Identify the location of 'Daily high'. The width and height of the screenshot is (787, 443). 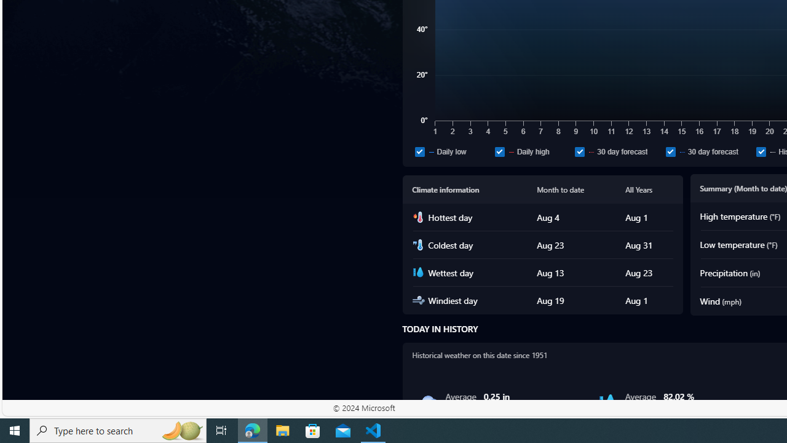
(499, 151).